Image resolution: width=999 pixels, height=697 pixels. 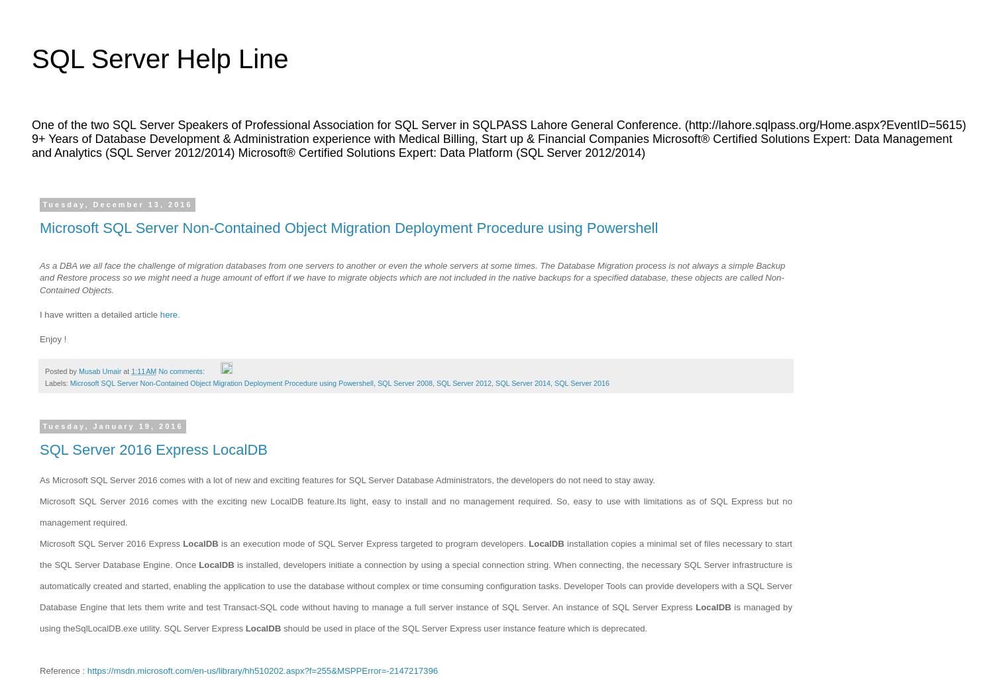 I want to click on 'As a DBA we all face the challenge of migration databases from one servers to another or even the whole servers at some times. The Database Migration process is not always a simple Backup and Restore process so we might need a huge amount of effort if we have to migrate objects which are not included in the native backups for a specified database, these objects are called Non-Contained Objects.', so click(x=411, y=277).